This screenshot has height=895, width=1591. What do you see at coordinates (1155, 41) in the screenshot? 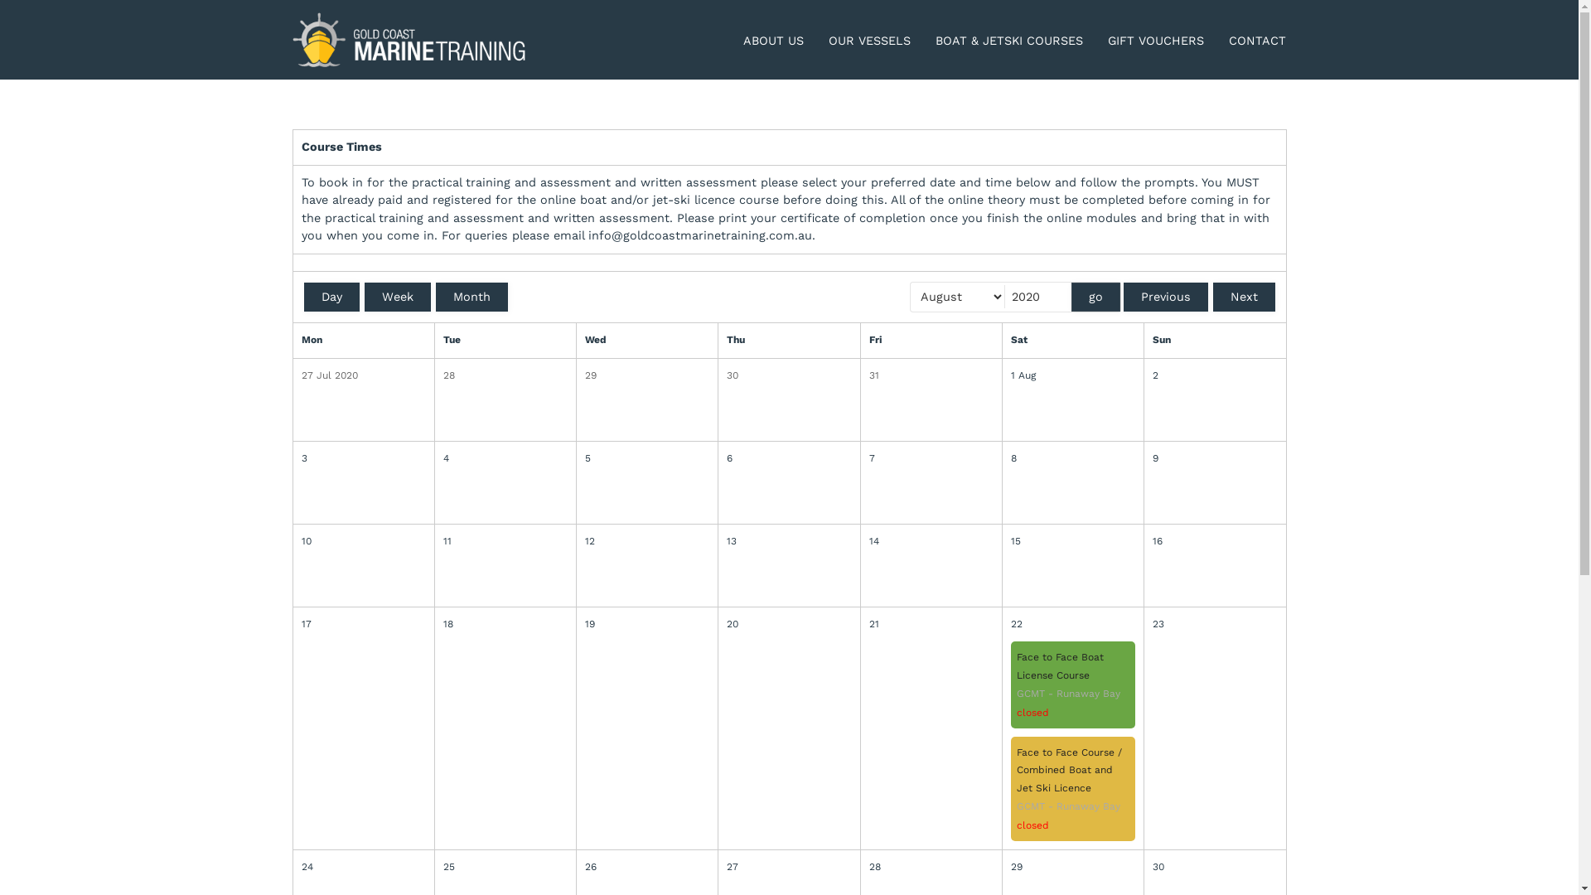
I see `'GIFT VOUCHERS'` at bounding box center [1155, 41].